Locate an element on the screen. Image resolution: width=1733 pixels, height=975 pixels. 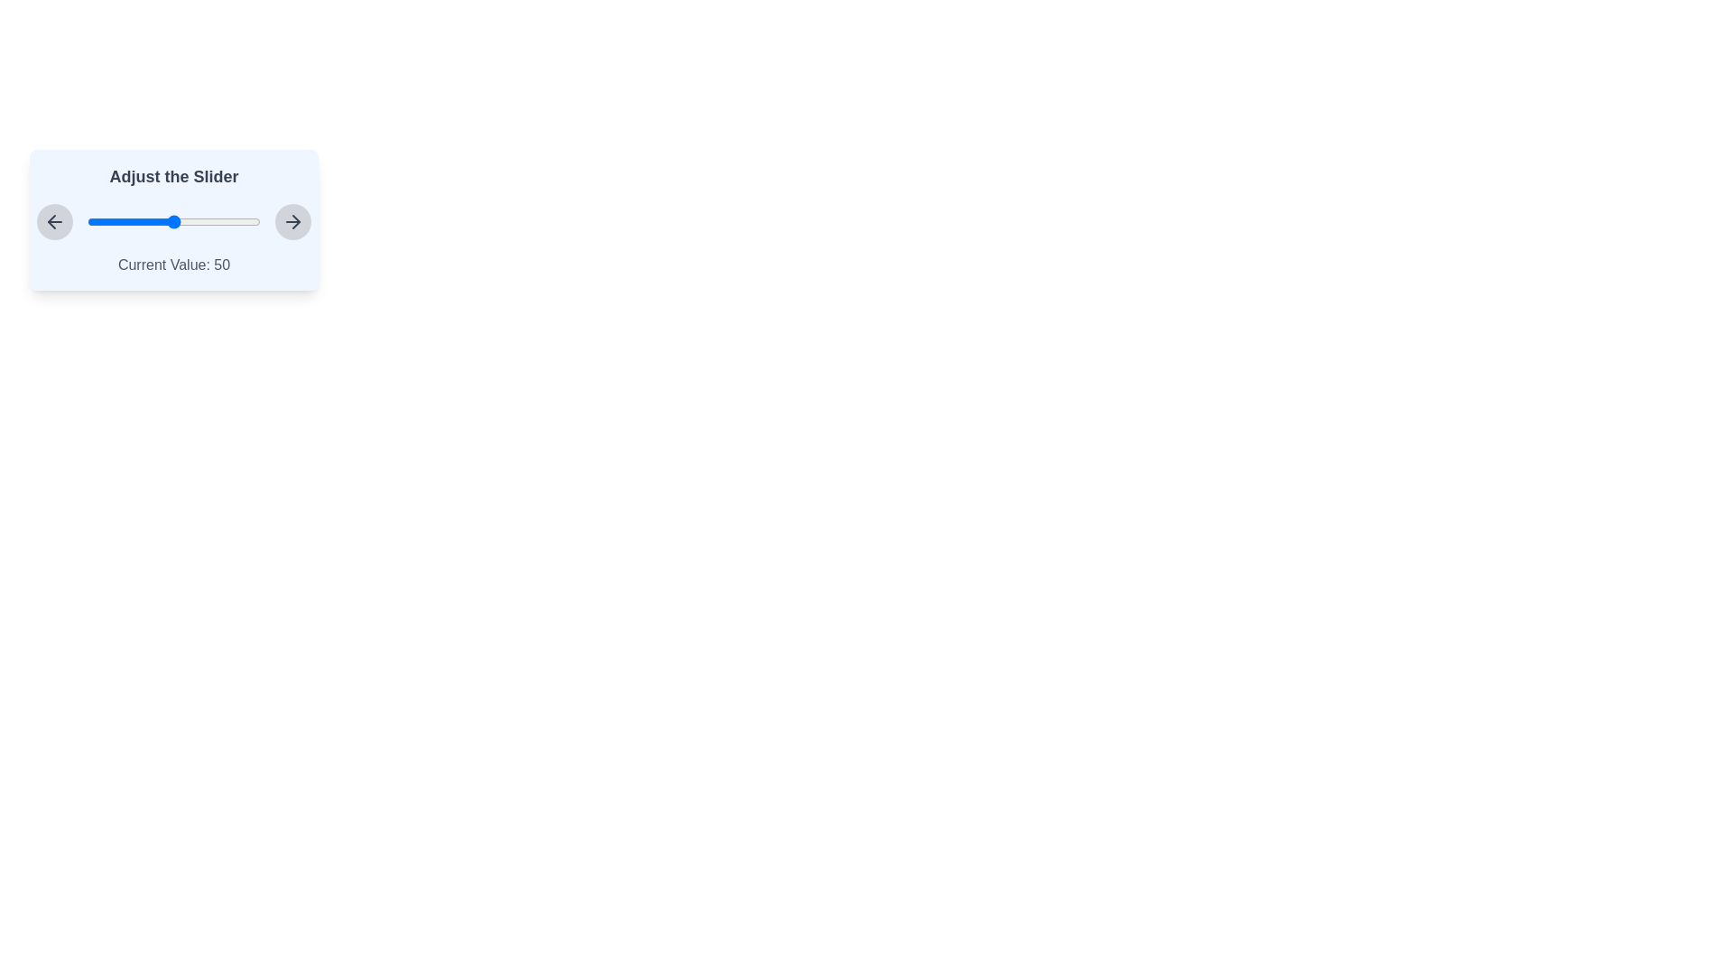
the slider is located at coordinates (128, 221).